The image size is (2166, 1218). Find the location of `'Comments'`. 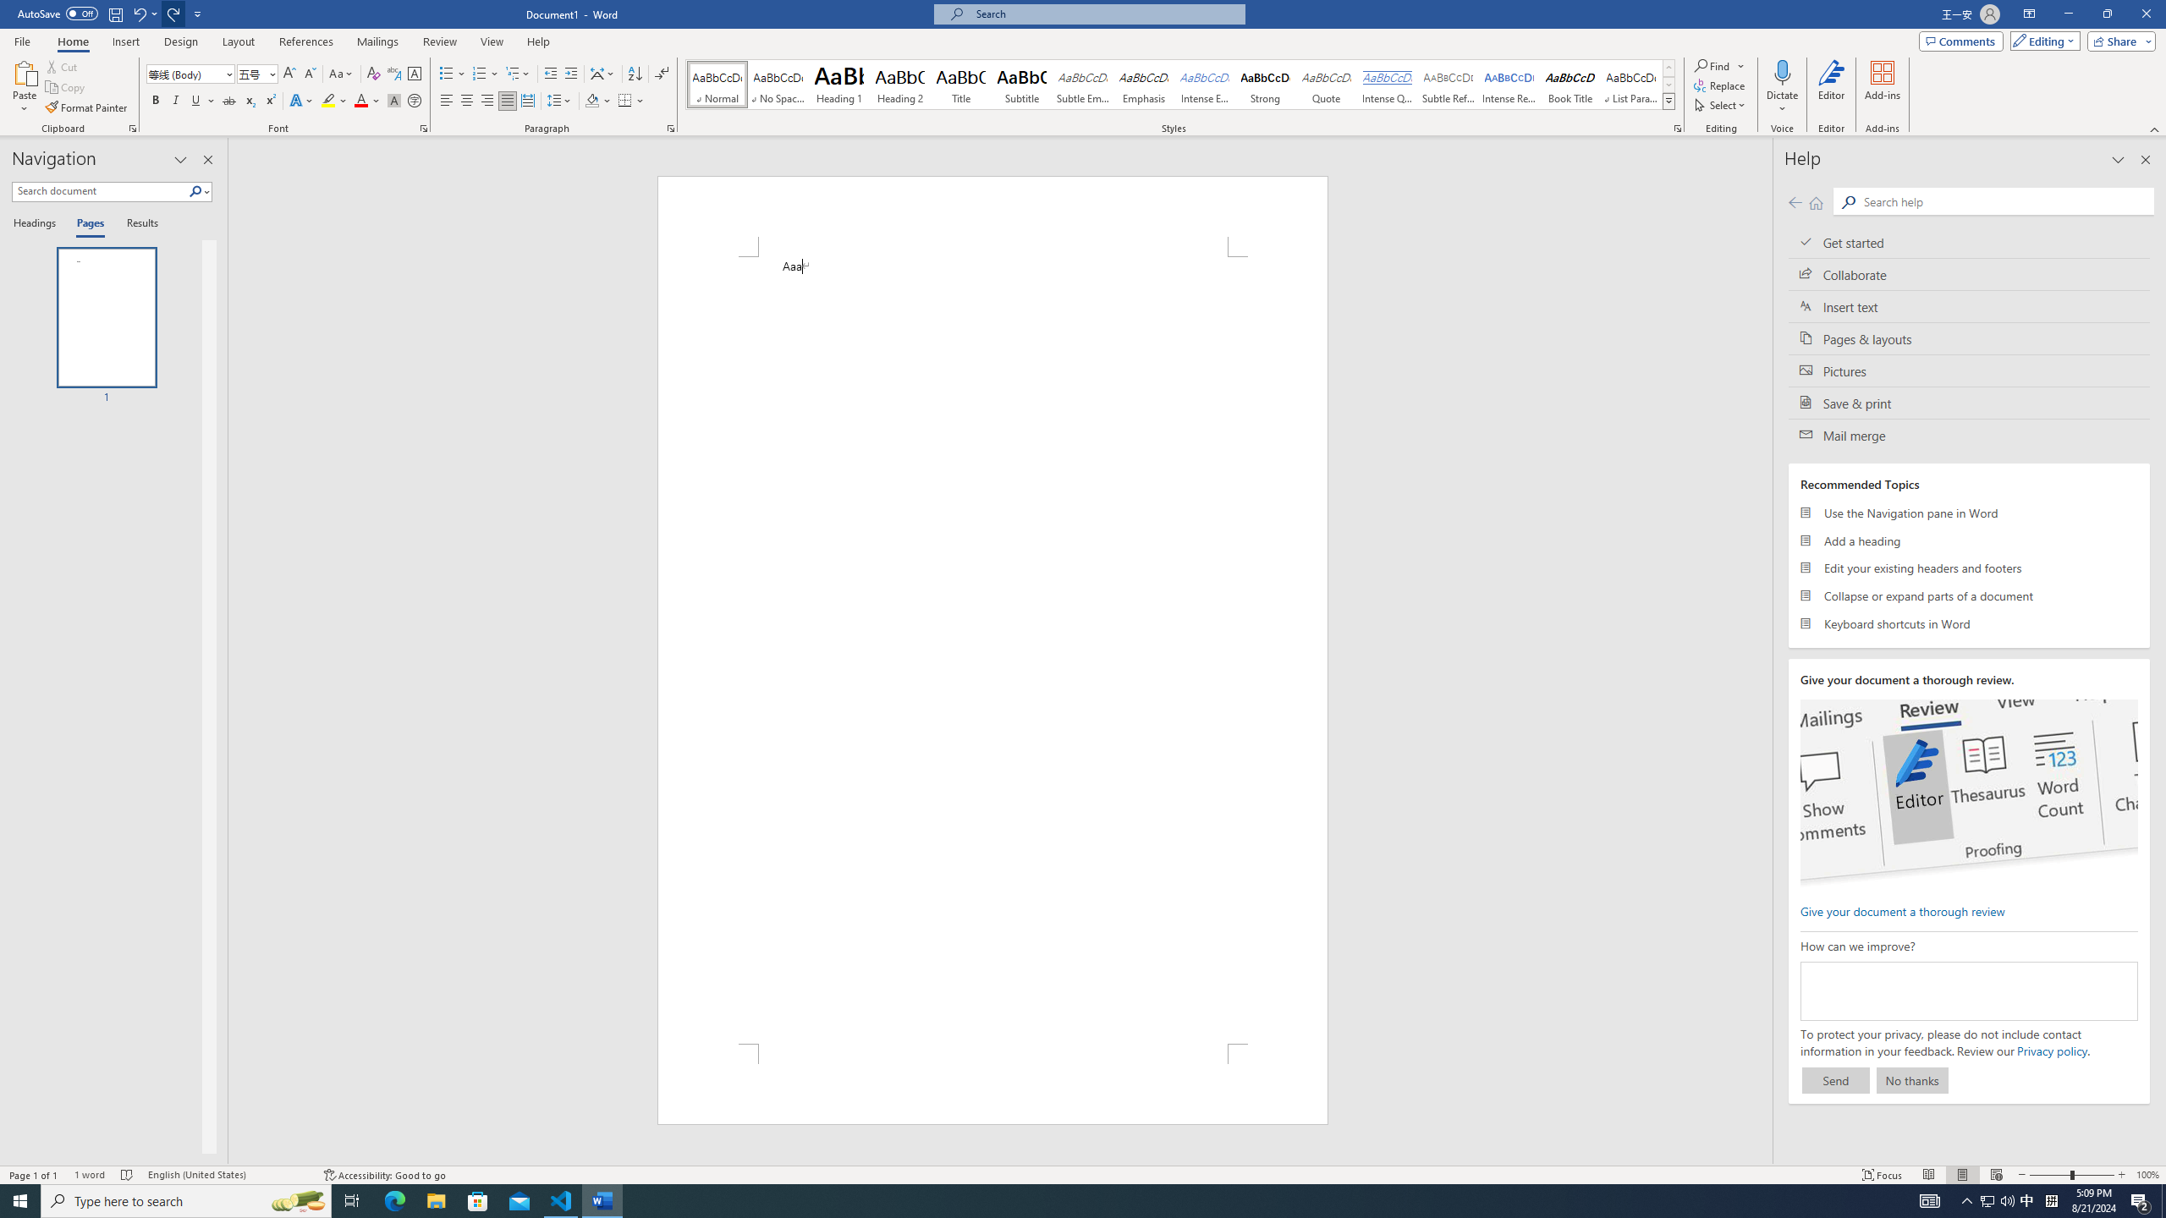

'Comments' is located at coordinates (1961, 40).